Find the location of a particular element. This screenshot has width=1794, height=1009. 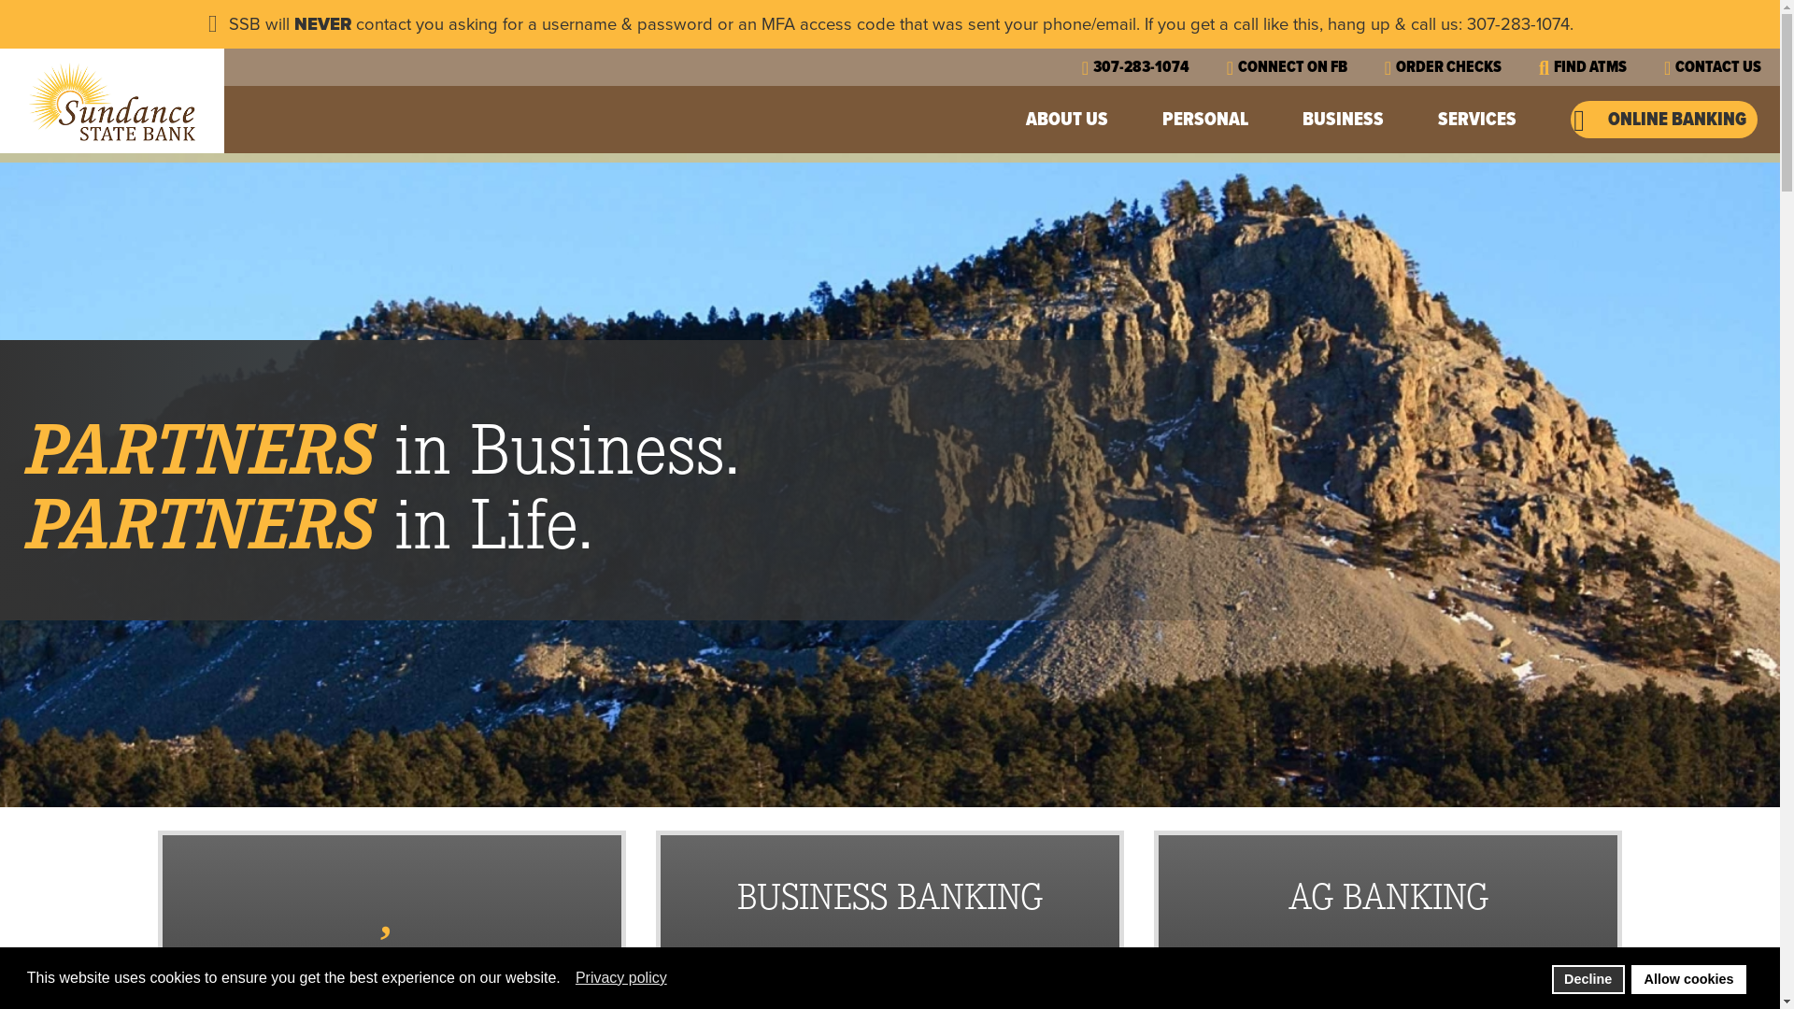

'Decline' is located at coordinates (1587, 978).